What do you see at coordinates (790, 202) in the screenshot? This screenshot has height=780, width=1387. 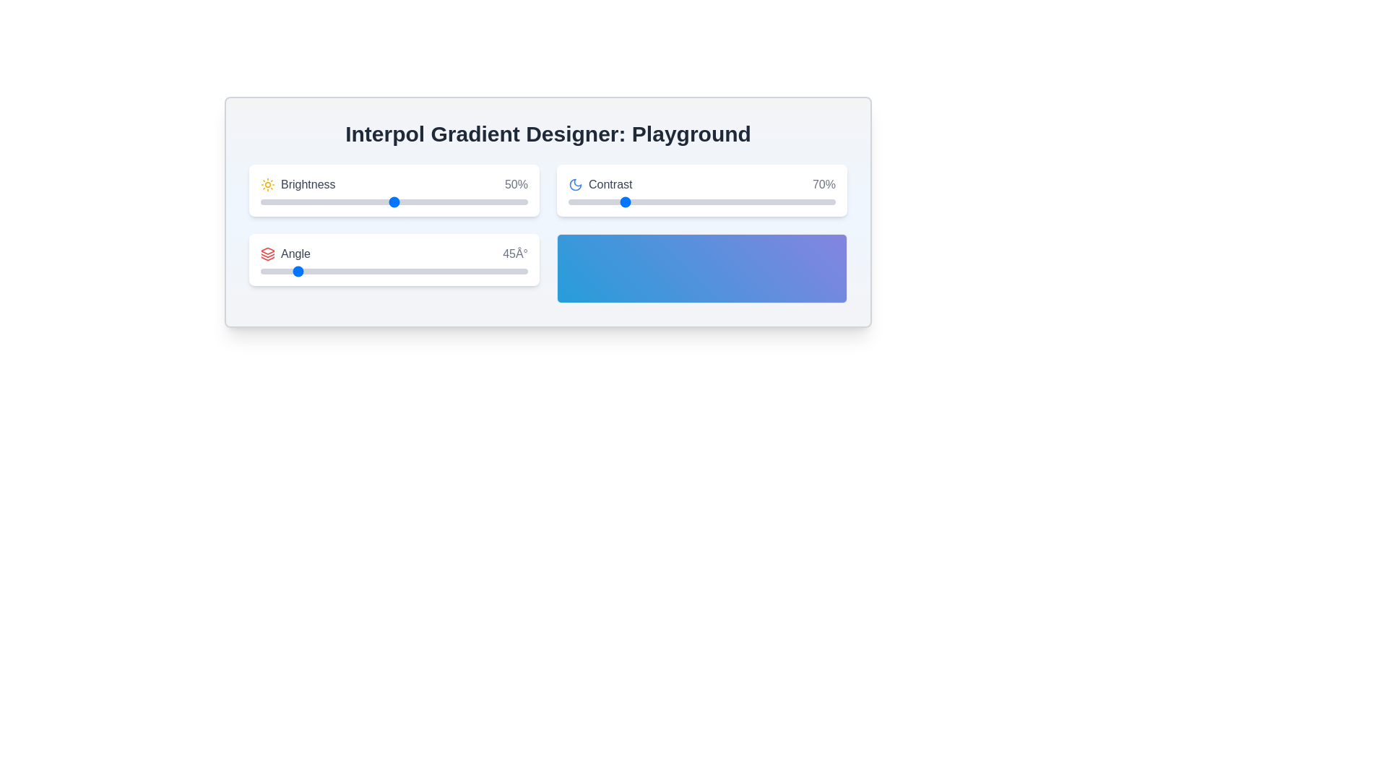 I see `the contrast level` at bounding box center [790, 202].